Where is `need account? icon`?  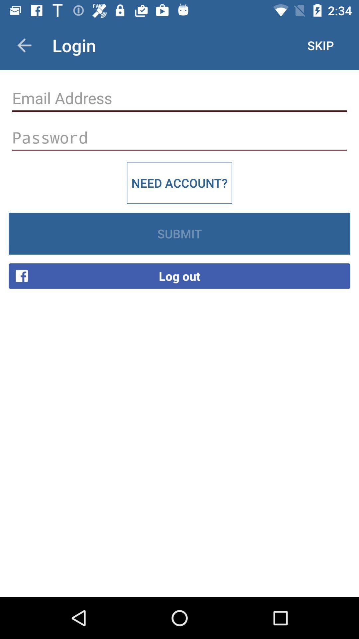 need account? icon is located at coordinates (179, 183).